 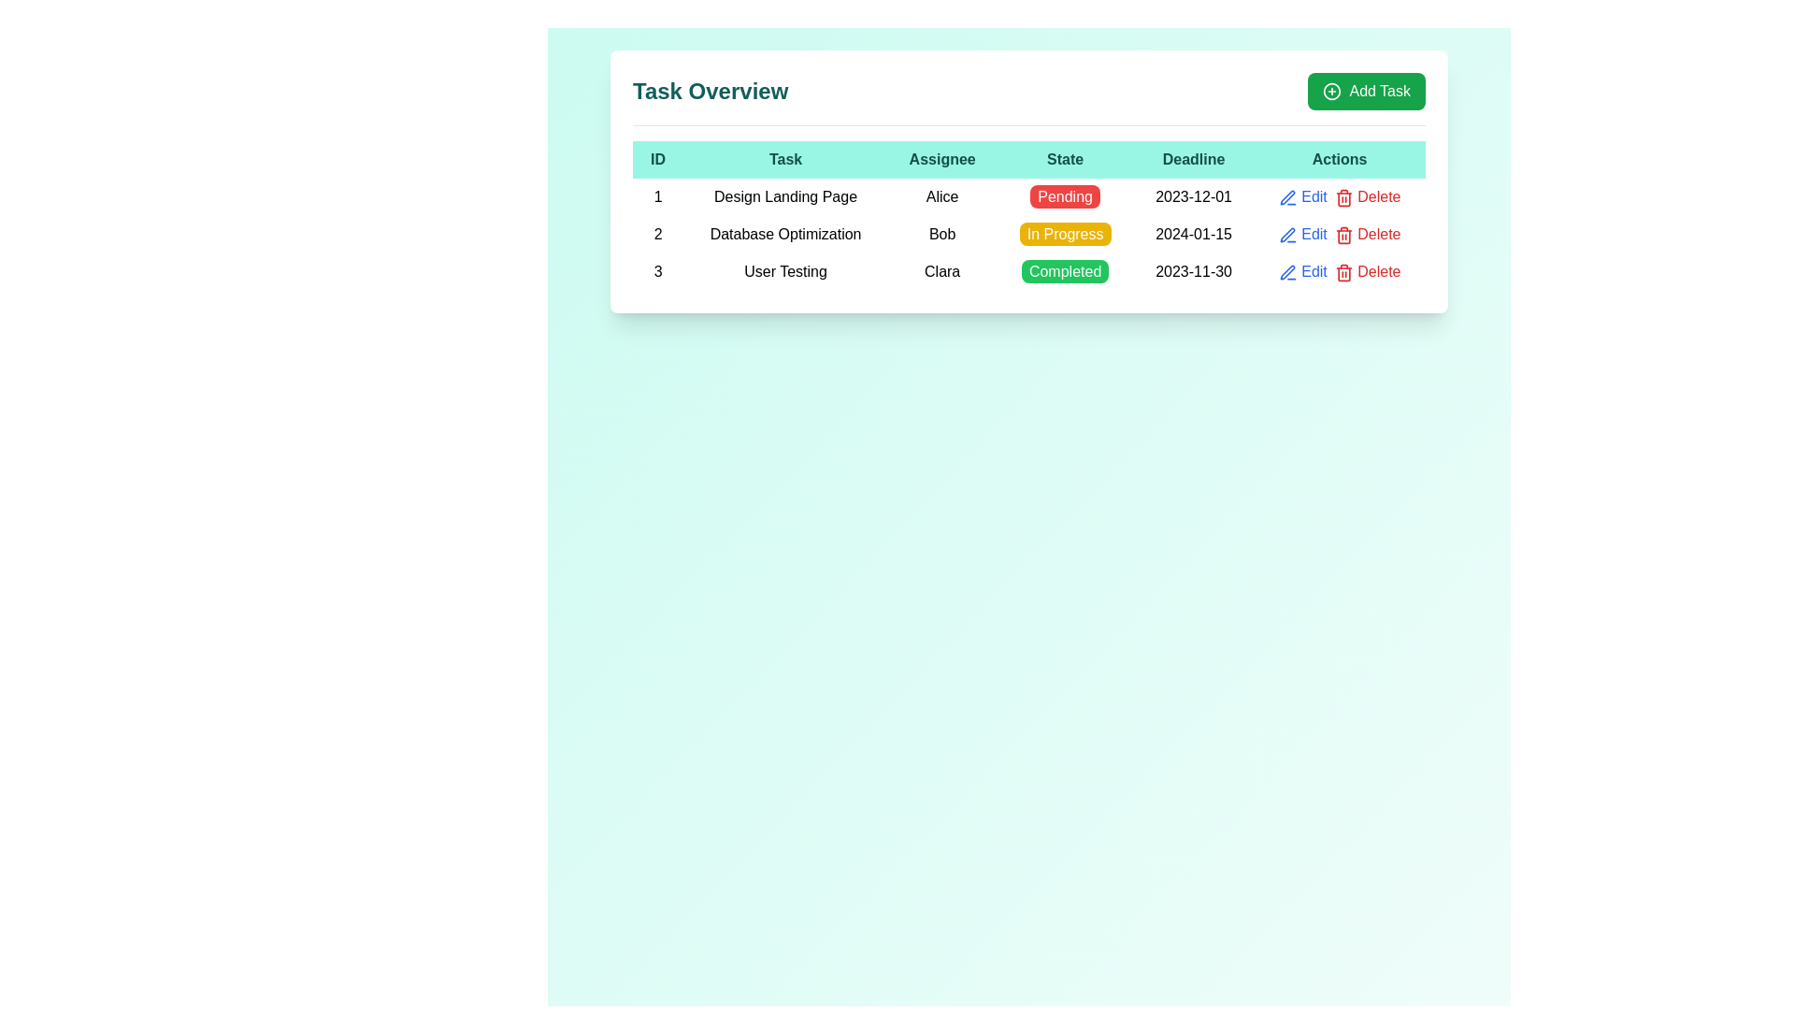 What do you see at coordinates (1301, 197) in the screenshot?
I see `the edit link in the 'Actions' column of the table for the task 'Design Landing Page'` at bounding box center [1301, 197].